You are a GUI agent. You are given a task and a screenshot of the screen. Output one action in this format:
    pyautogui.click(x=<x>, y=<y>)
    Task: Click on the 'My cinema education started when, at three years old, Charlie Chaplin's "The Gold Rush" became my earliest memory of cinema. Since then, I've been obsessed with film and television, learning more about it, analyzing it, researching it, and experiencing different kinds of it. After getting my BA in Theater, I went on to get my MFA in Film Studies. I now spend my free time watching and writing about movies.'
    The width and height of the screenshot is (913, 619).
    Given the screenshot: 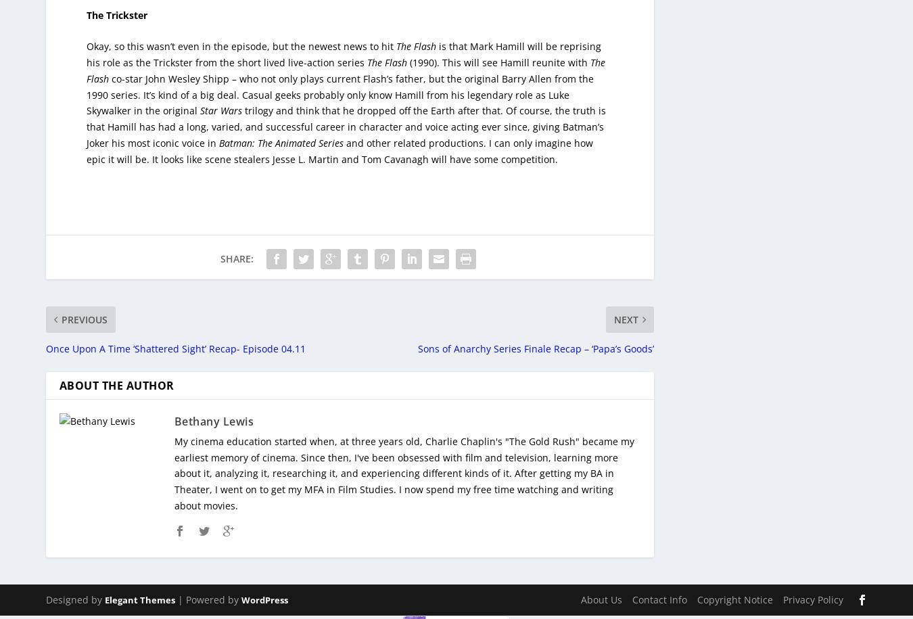 What is the action you would take?
    pyautogui.click(x=403, y=463)
    